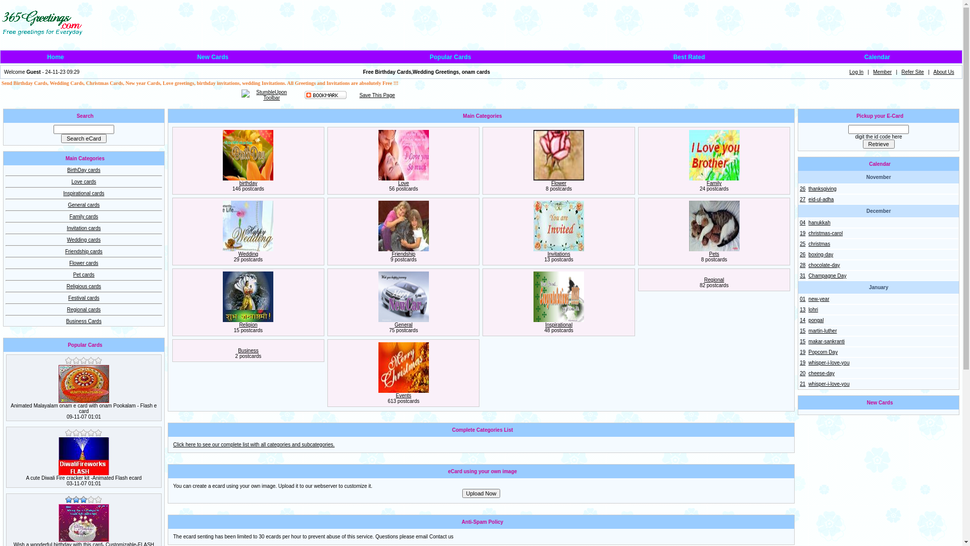 The width and height of the screenshot is (970, 546). Describe the element at coordinates (802, 276) in the screenshot. I see `'31'` at that location.